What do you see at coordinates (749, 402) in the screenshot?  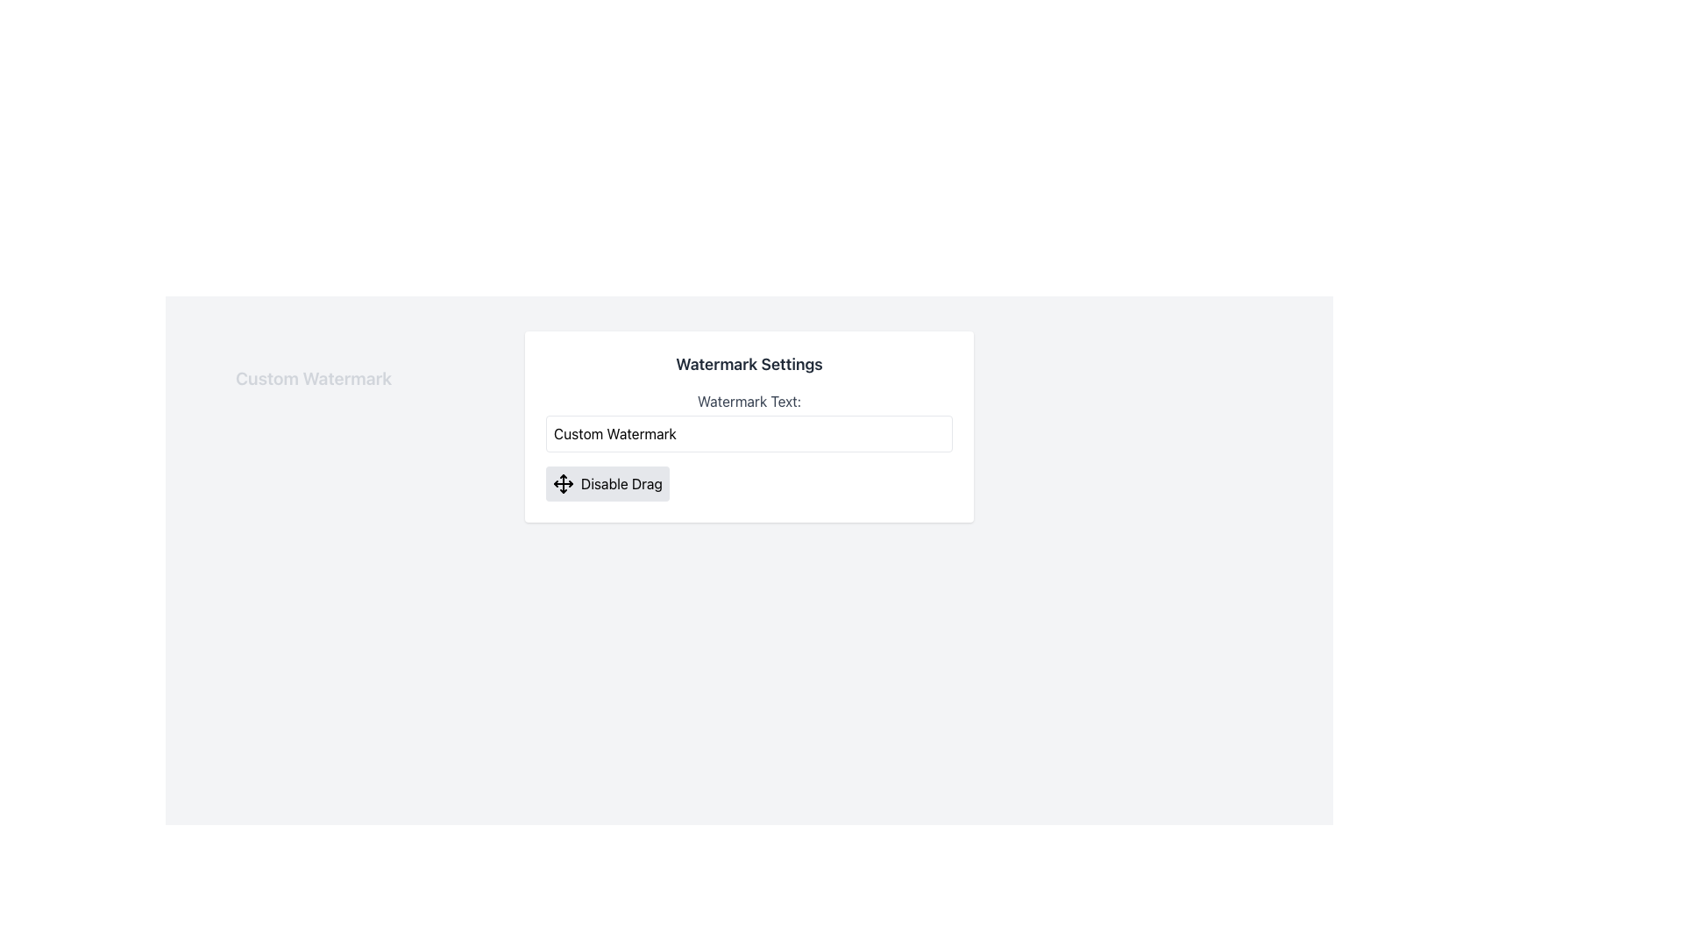 I see `the static label guiding users on the purpose of the 'Custom Watermark' text entry, located within a white box under 'Watermark Settings'` at bounding box center [749, 402].